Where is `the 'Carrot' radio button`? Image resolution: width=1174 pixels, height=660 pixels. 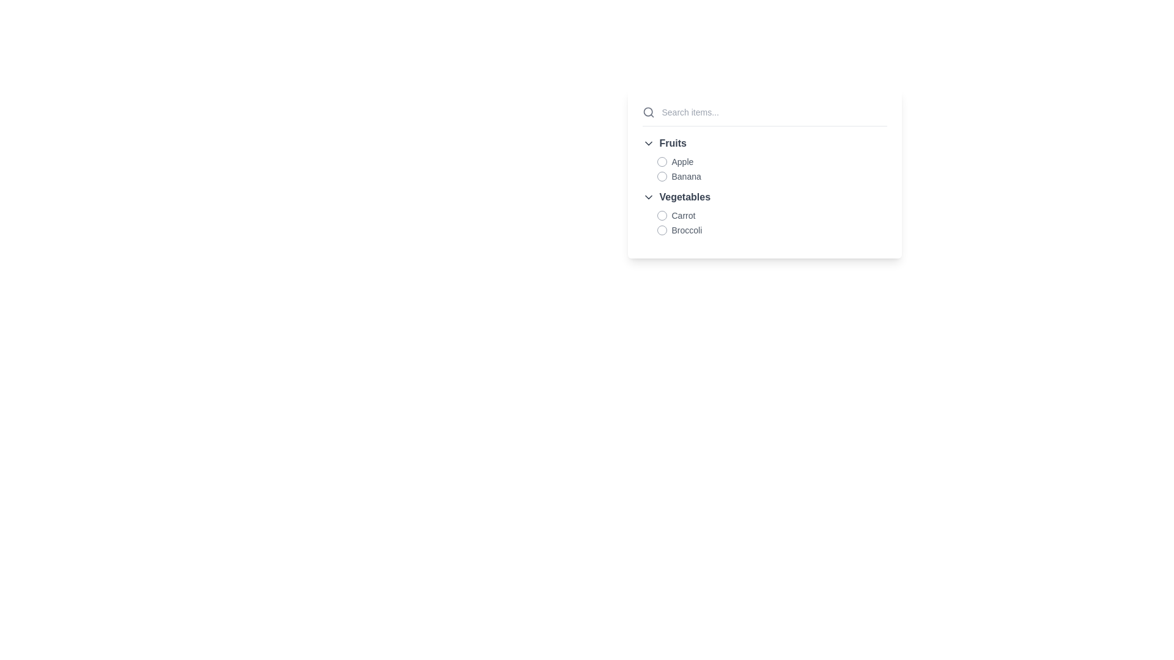 the 'Carrot' radio button is located at coordinates (661, 215).